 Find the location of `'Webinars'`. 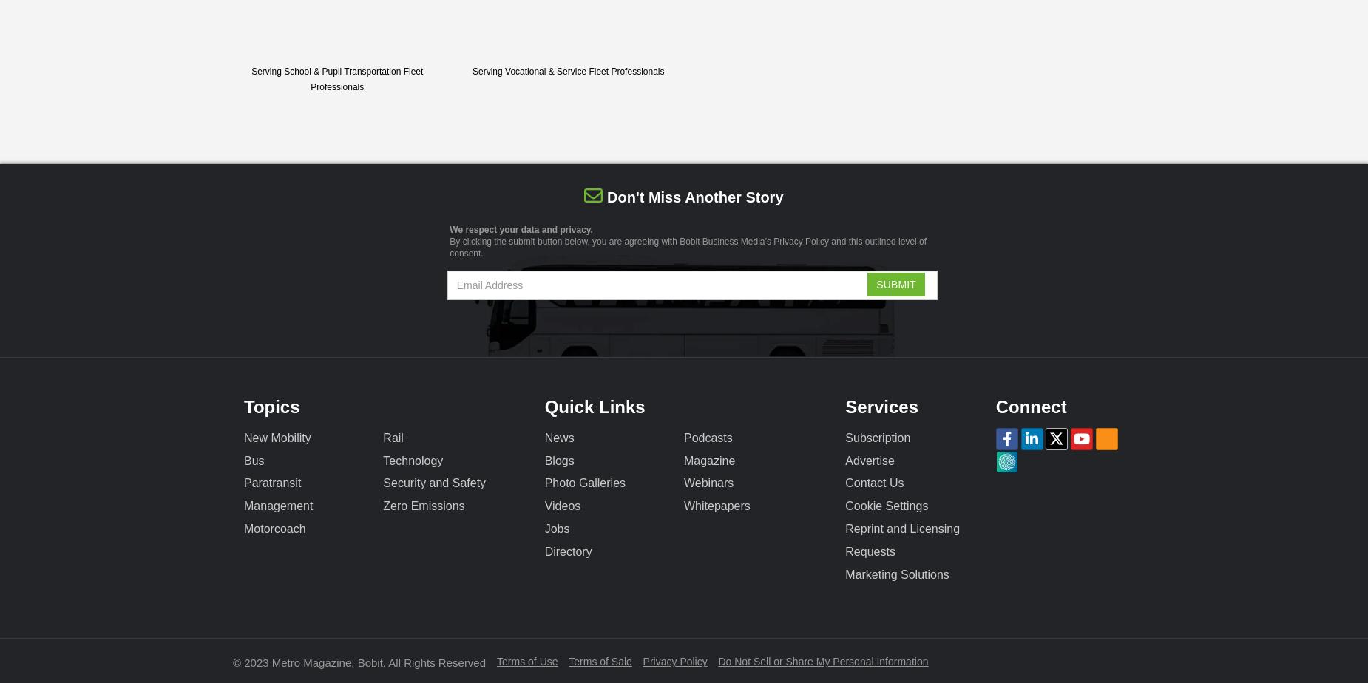

'Webinars' is located at coordinates (707, 483).